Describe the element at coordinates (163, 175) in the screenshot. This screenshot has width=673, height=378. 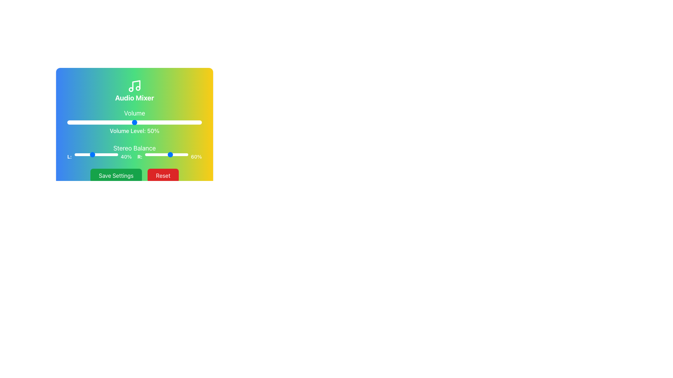
I see `the 'Reset' button, which has a red background and rounded edges, located at the bottom-right corner of the main interface` at that location.